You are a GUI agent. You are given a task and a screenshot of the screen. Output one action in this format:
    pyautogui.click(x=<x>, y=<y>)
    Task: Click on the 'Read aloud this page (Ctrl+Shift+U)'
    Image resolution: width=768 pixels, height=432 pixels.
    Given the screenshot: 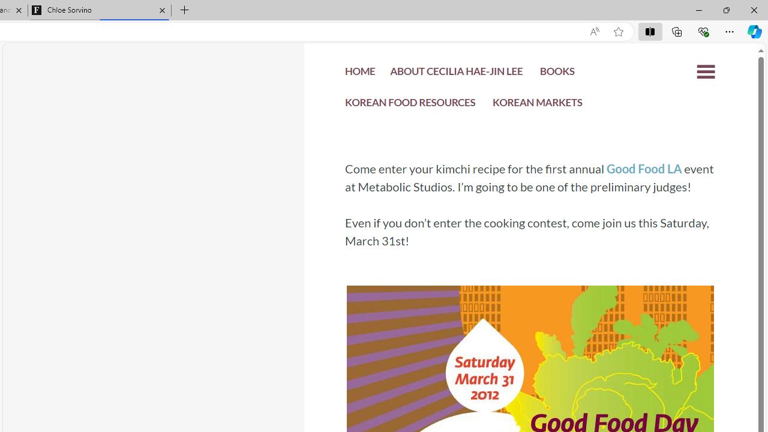 What is the action you would take?
    pyautogui.click(x=595, y=31)
    